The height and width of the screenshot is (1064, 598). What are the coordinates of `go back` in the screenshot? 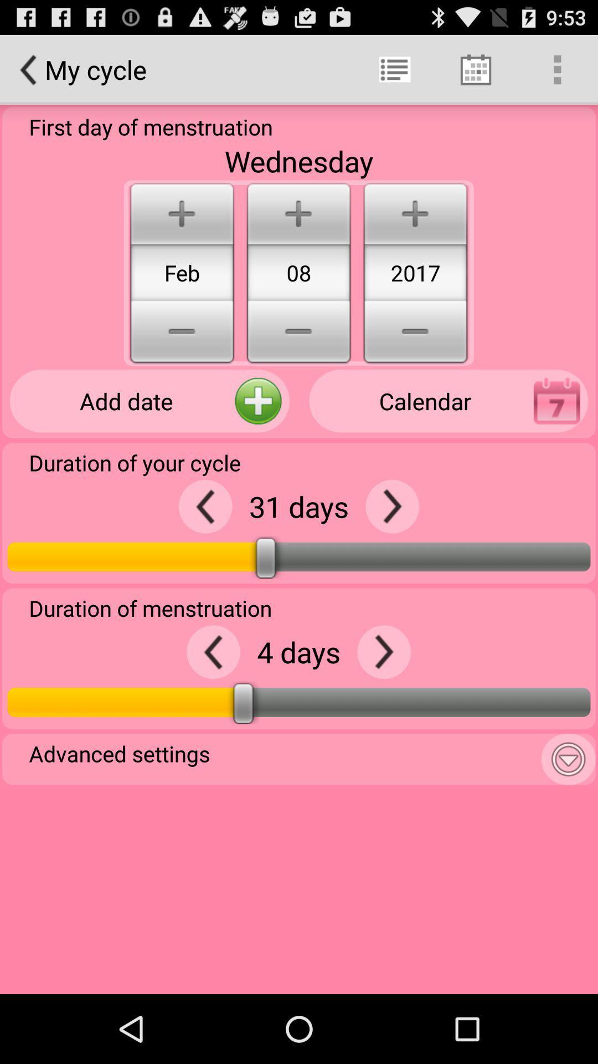 It's located at (205, 506).